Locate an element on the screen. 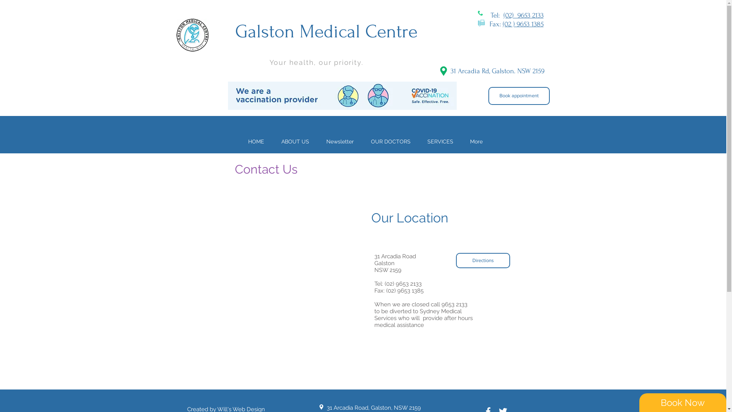 The image size is (732, 412). 'HOME' is located at coordinates (256, 141).